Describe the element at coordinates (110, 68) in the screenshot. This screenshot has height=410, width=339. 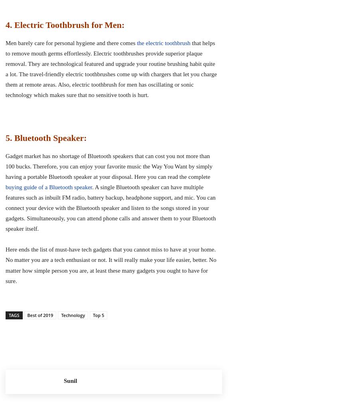
I see `'that helps to remove mouth germs effortlessly. Electric toothbrushes provide superior plaque removal. They are technological featured and upgrade your routine brushing habit quite a lot. The travel-friendly electric toothbrushes come up with chargers that let you charge them at remote areas. Also, electric toothbrush for men has oscillating or sonic technology which makes sure that no sensitive tooth is hurt.'` at that location.